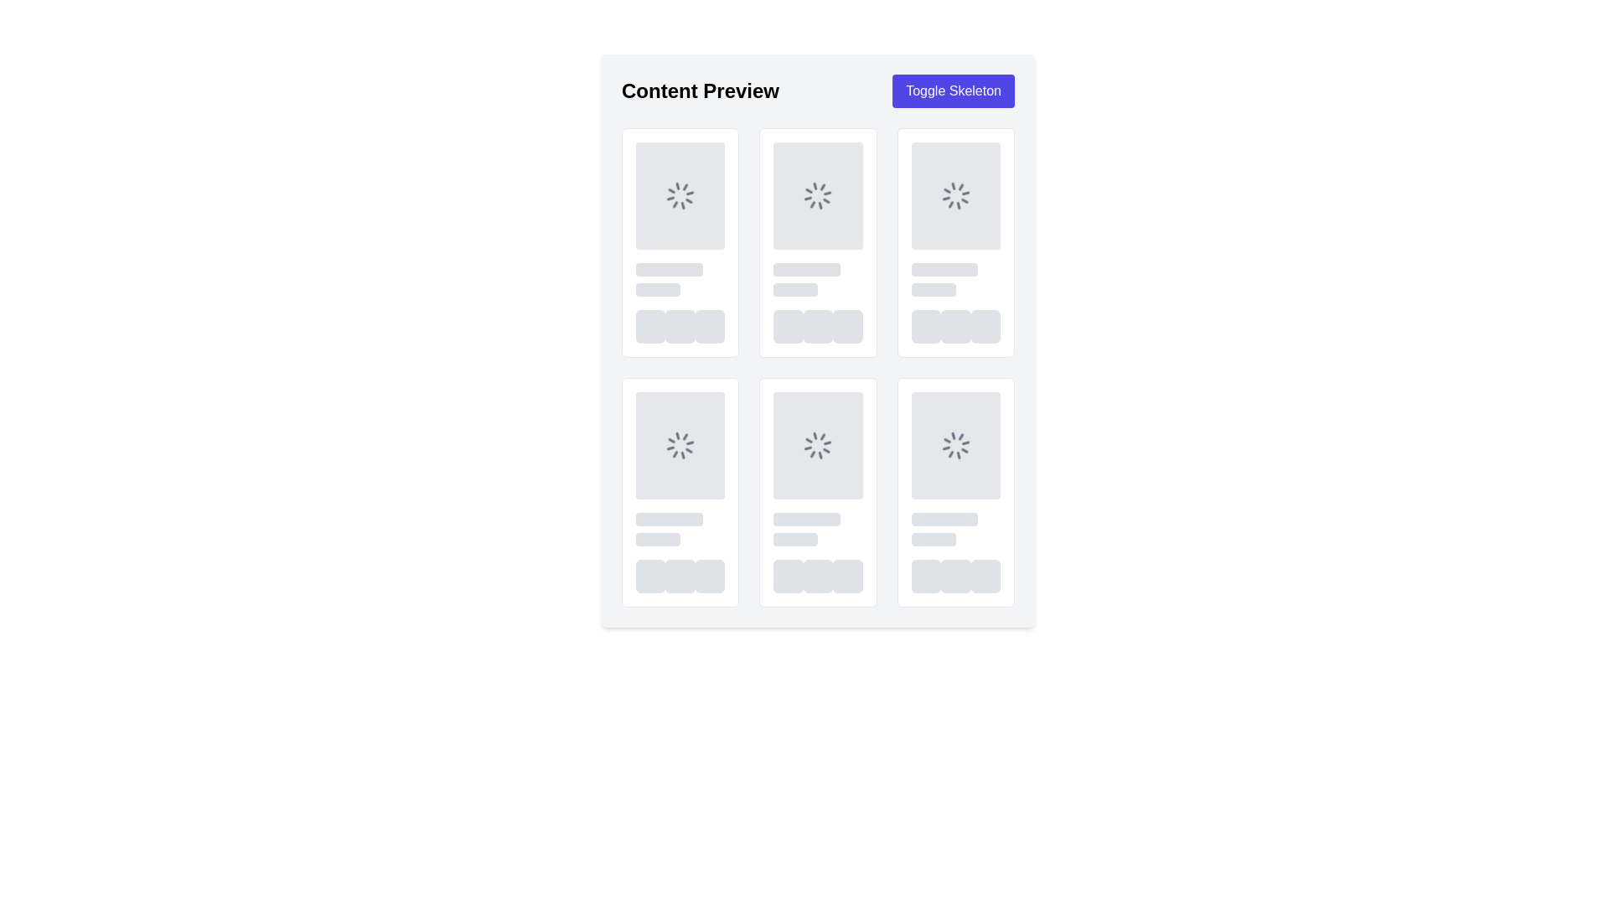 The height and width of the screenshot is (905, 1609). I want to click on the loading placeholder card located in the center row of the grid layout, which serves as an indicator for content loading, so click(680, 491).